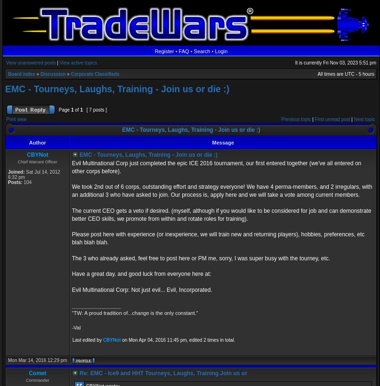 This screenshot has height=386, width=380. I want to click on 'of', so click(77, 109).